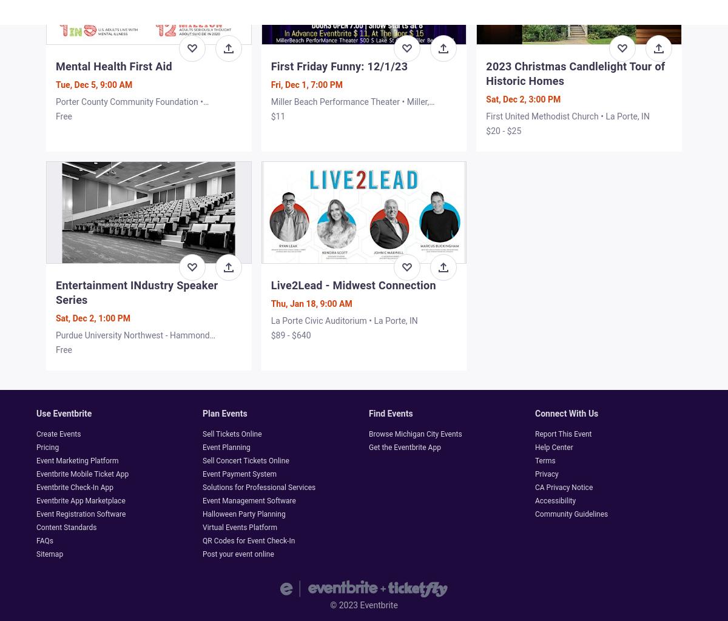 This screenshot has width=728, height=621. Describe the element at coordinates (311, 303) in the screenshot. I see `'Thu, Jan 18, 9:00 AM'` at that location.